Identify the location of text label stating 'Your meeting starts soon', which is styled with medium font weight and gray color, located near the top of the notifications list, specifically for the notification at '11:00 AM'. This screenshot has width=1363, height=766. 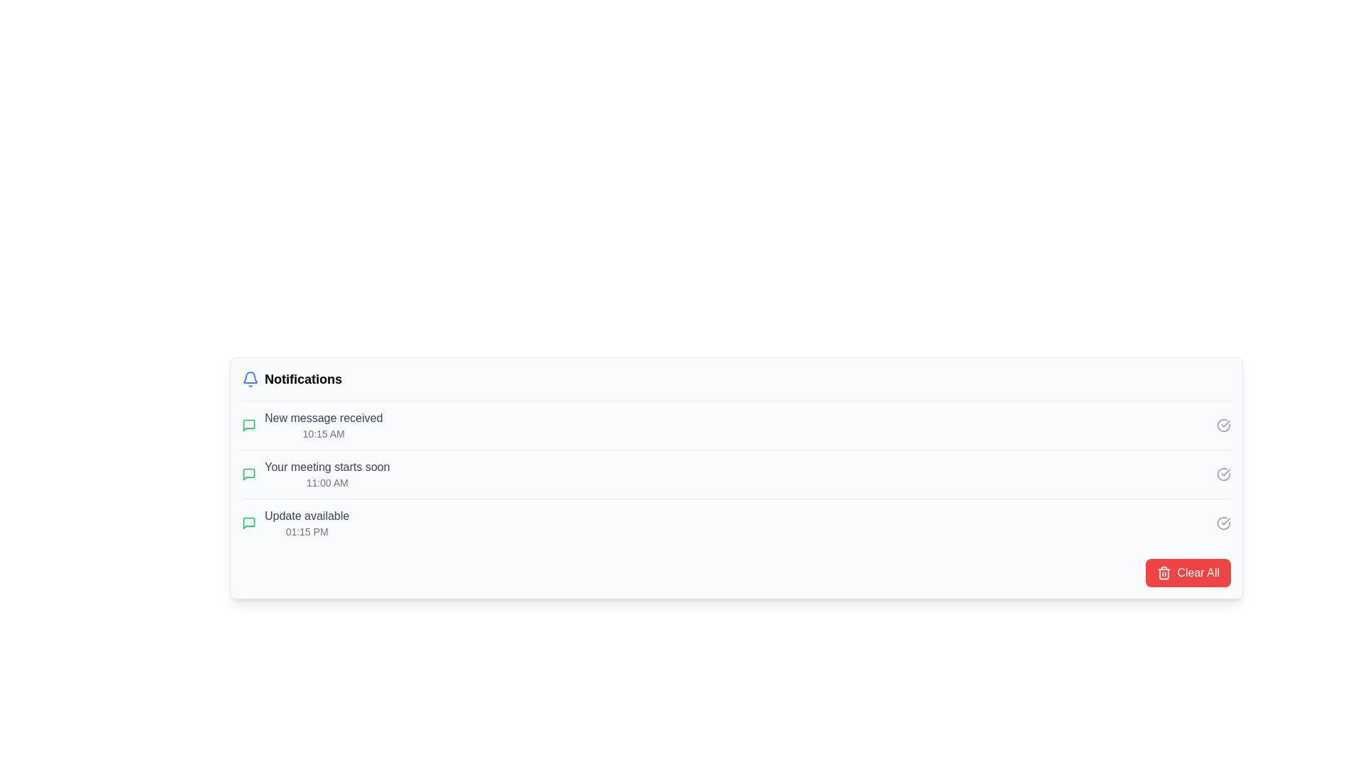
(327, 467).